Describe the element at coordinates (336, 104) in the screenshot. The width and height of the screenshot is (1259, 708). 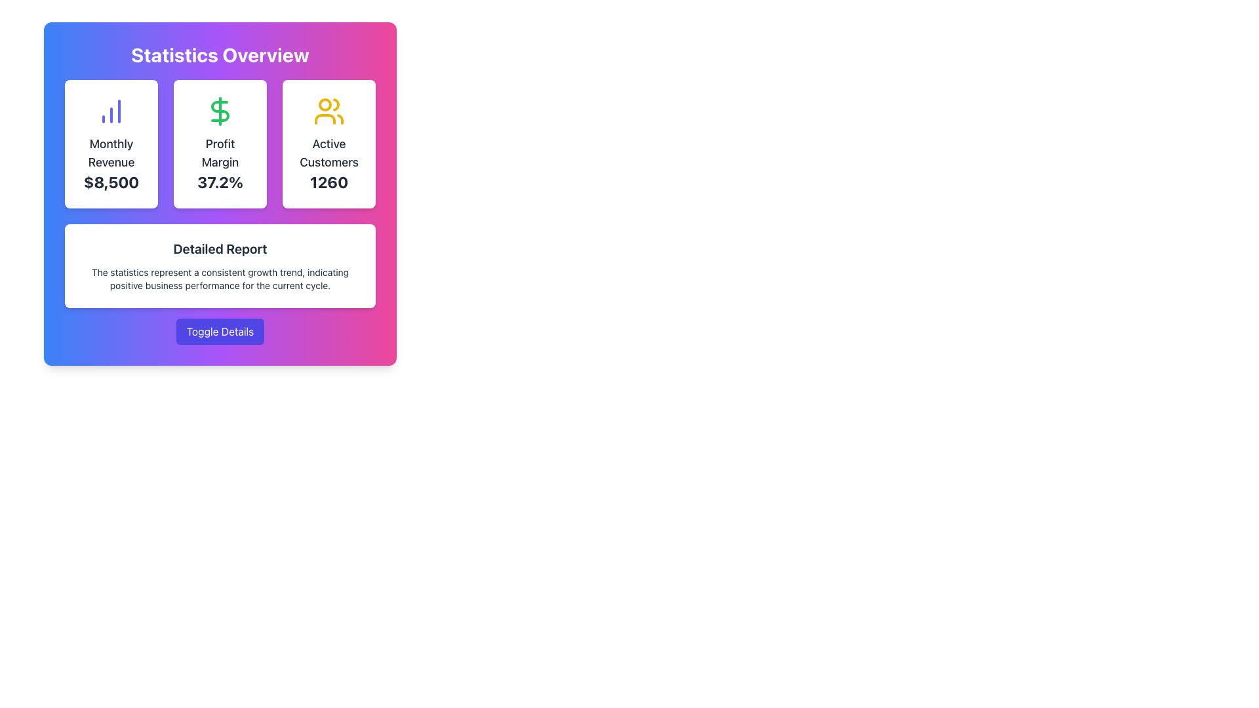
I see `the yellow user icon in the 'Active Customers' section of the 'Statistics Overview' card, which is represented by a vector graphic with three lines forming a curve` at that location.